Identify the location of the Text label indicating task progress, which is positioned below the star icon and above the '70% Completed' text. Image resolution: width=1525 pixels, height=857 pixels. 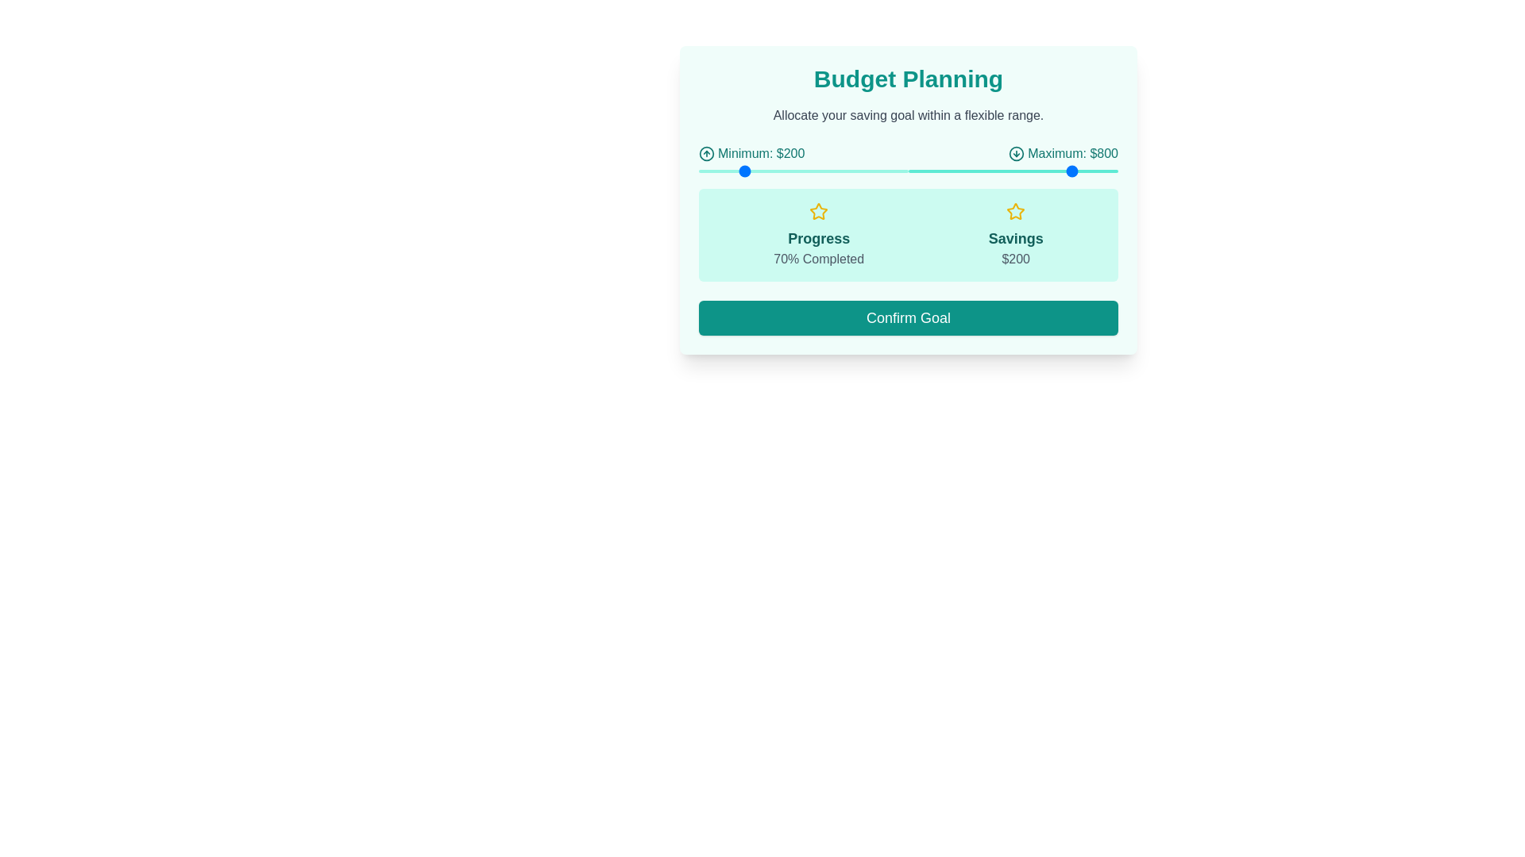
(819, 238).